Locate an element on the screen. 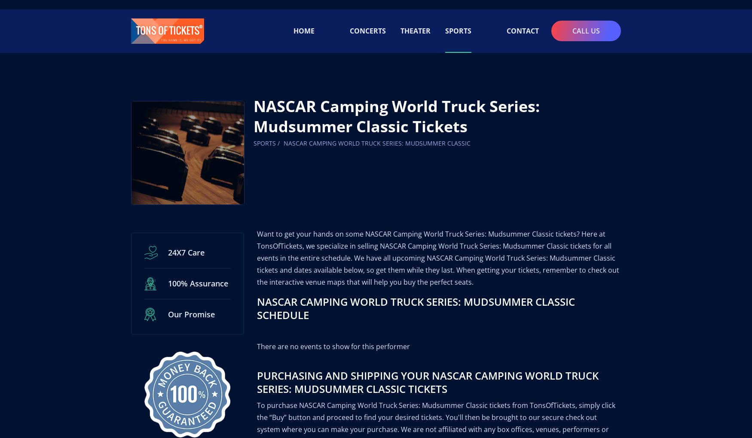 The image size is (752, 438). 'There are no events to show for this performer' is located at coordinates (333, 336).